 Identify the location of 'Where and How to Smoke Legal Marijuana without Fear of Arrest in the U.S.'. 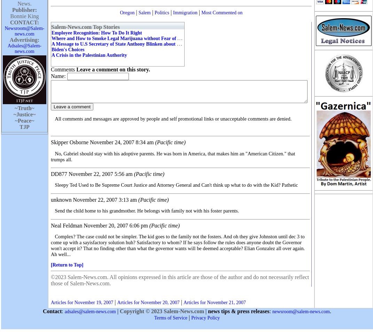
(52, 38).